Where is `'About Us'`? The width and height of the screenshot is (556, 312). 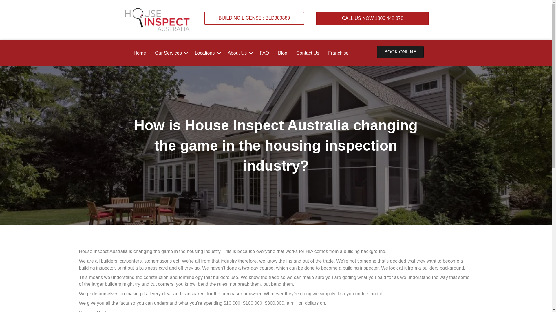
'About Us' is located at coordinates (239, 53).